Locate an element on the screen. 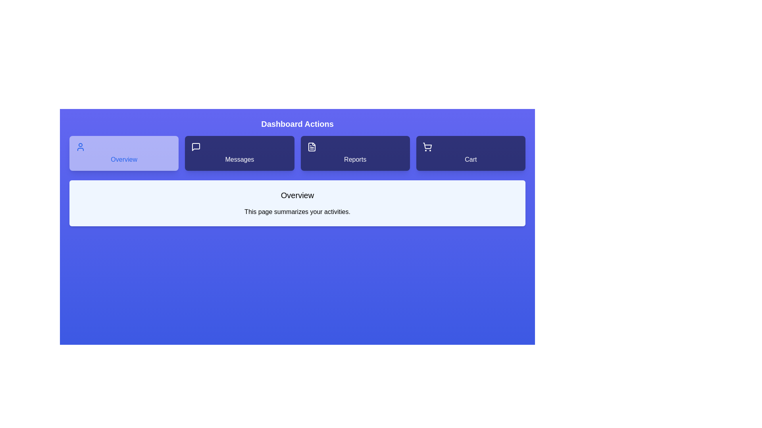  the Cart tab to view its content is located at coordinates (471, 153).